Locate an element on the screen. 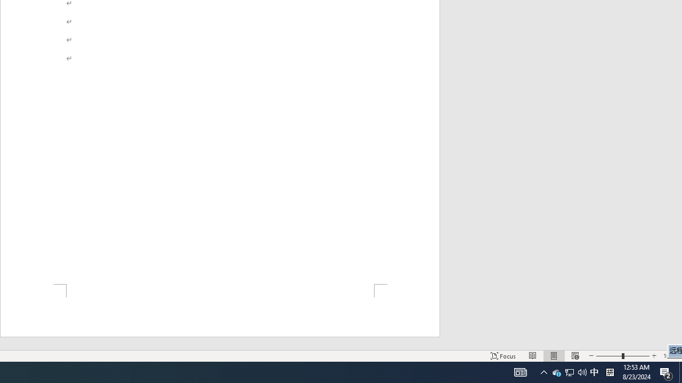 The image size is (682, 383). 'Zoom In' is located at coordinates (653, 356).